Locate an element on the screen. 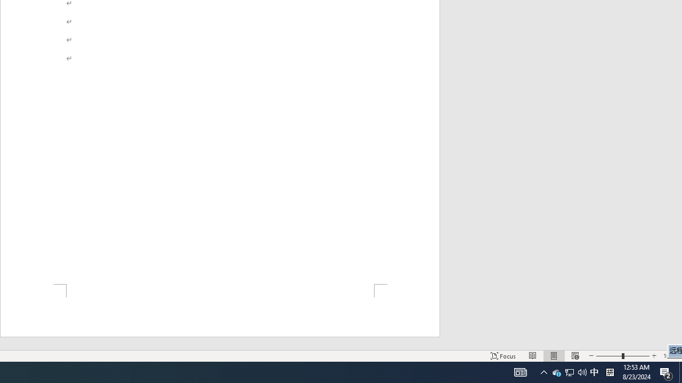 The image size is (682, 383). 'Zoom In' is located at coordinates (653, 356).